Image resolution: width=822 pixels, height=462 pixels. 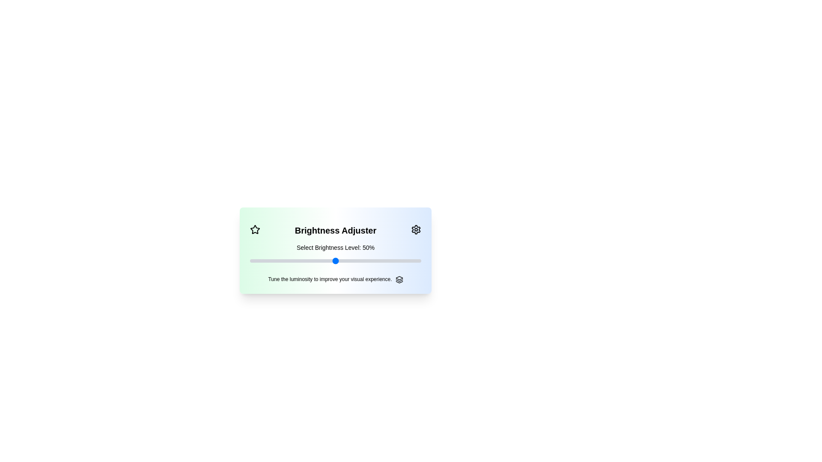 What do you see at coordinates (250, 260) in the screenshot?
I see `the slider to set brightness to 76%` at bounding box center [250, 260].